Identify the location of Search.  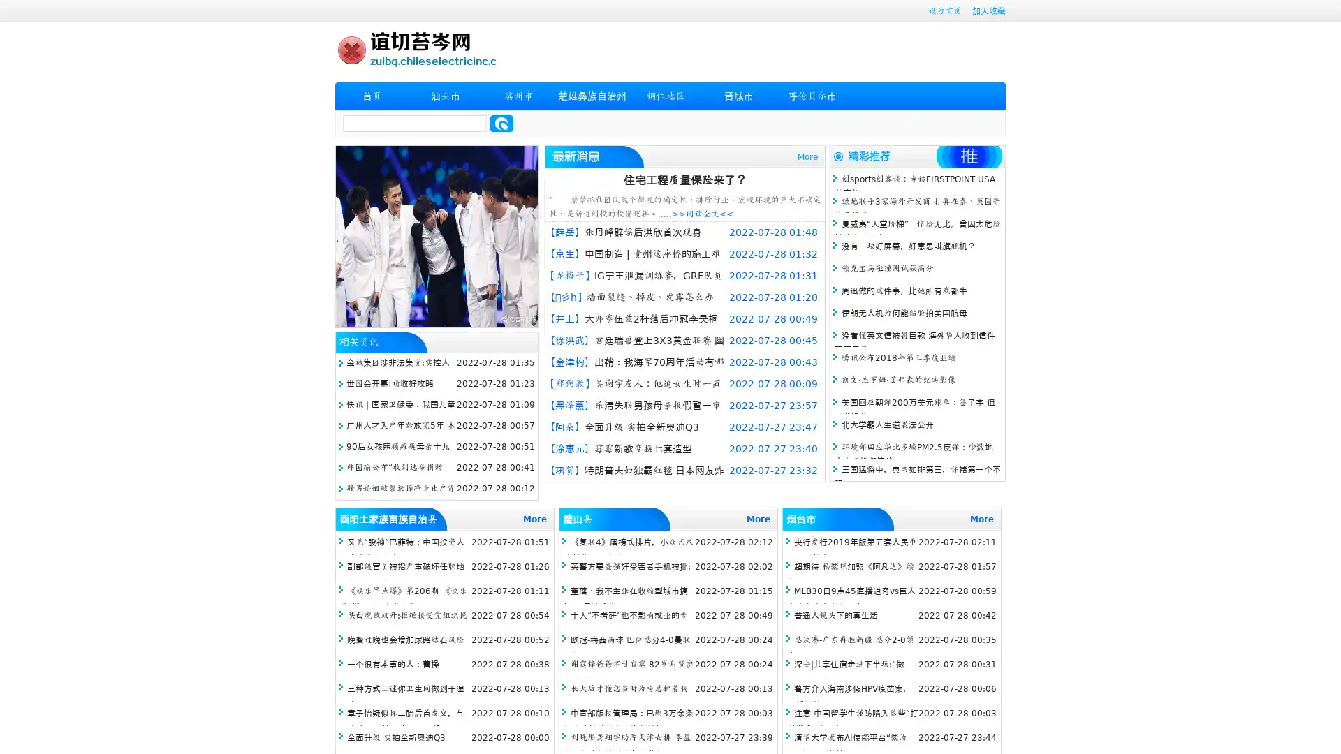
(501, 123).